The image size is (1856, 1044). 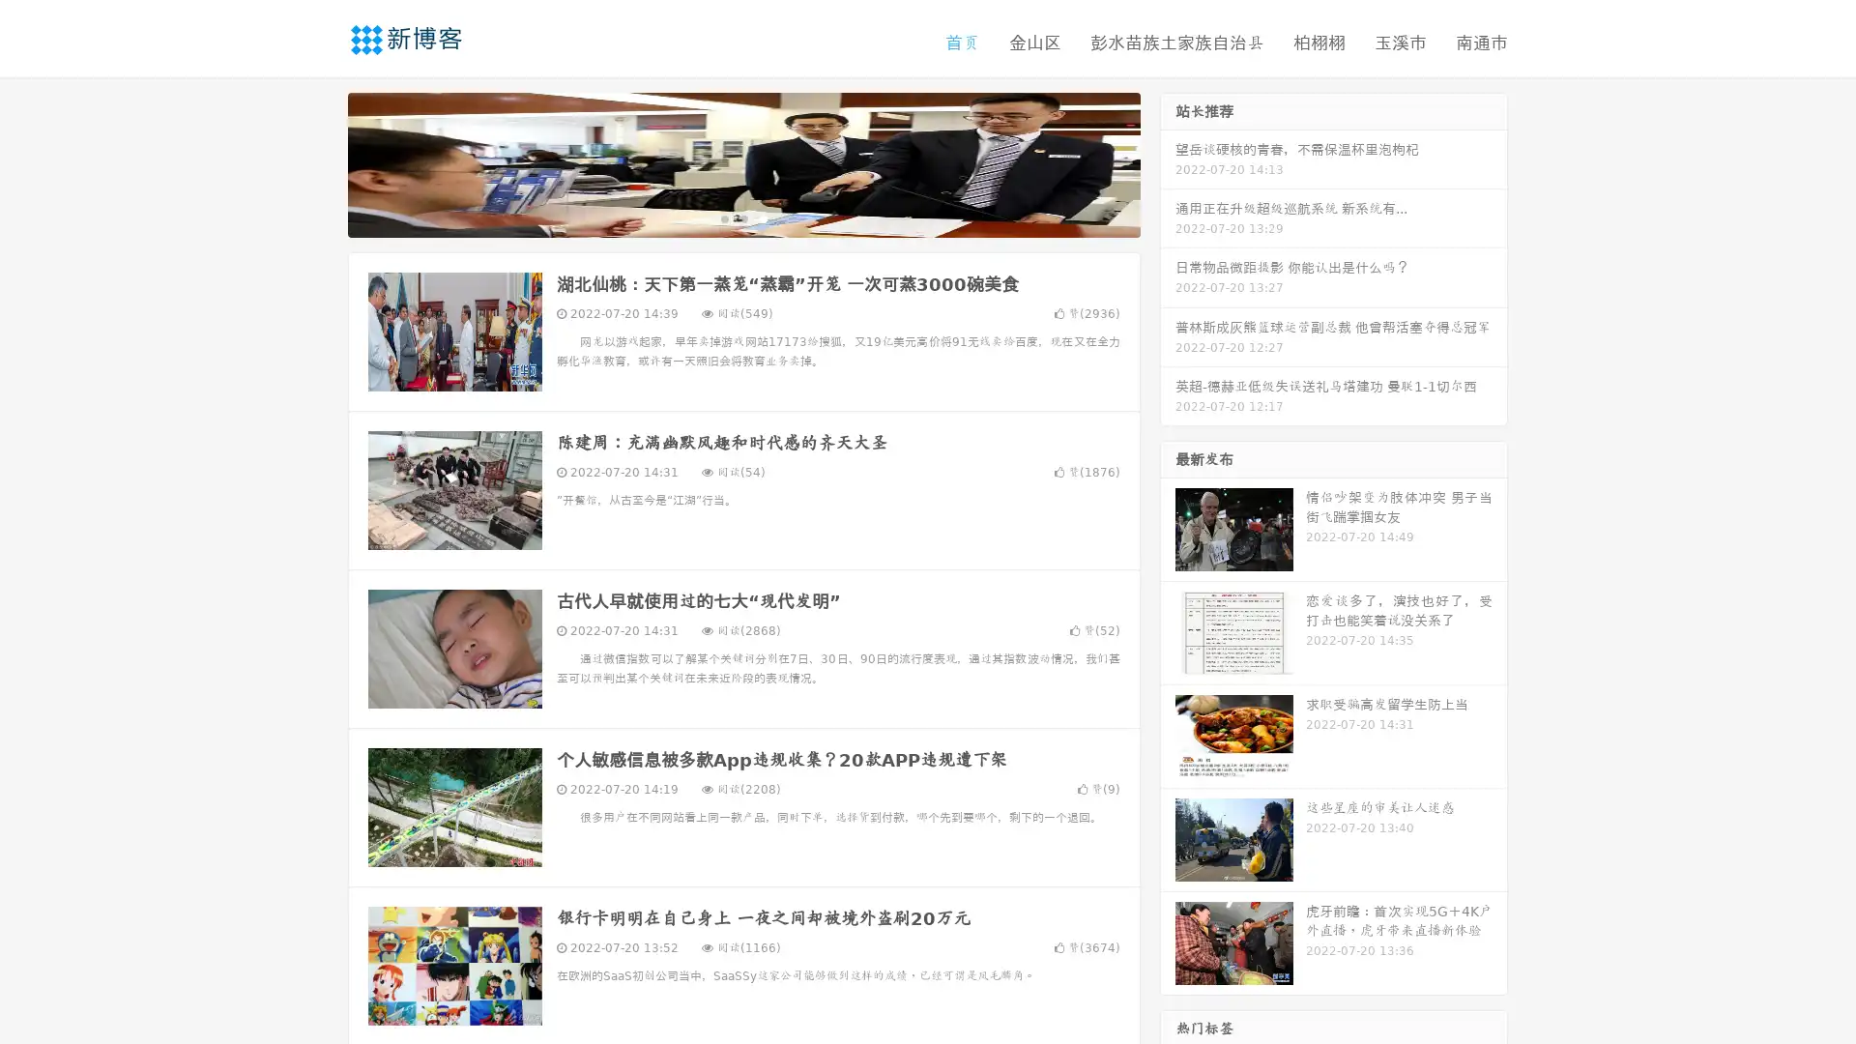 What do you see at coordinates (742, 217) in the screenshot?
I see `Go to slide 2` at bounding box center [742, 217].